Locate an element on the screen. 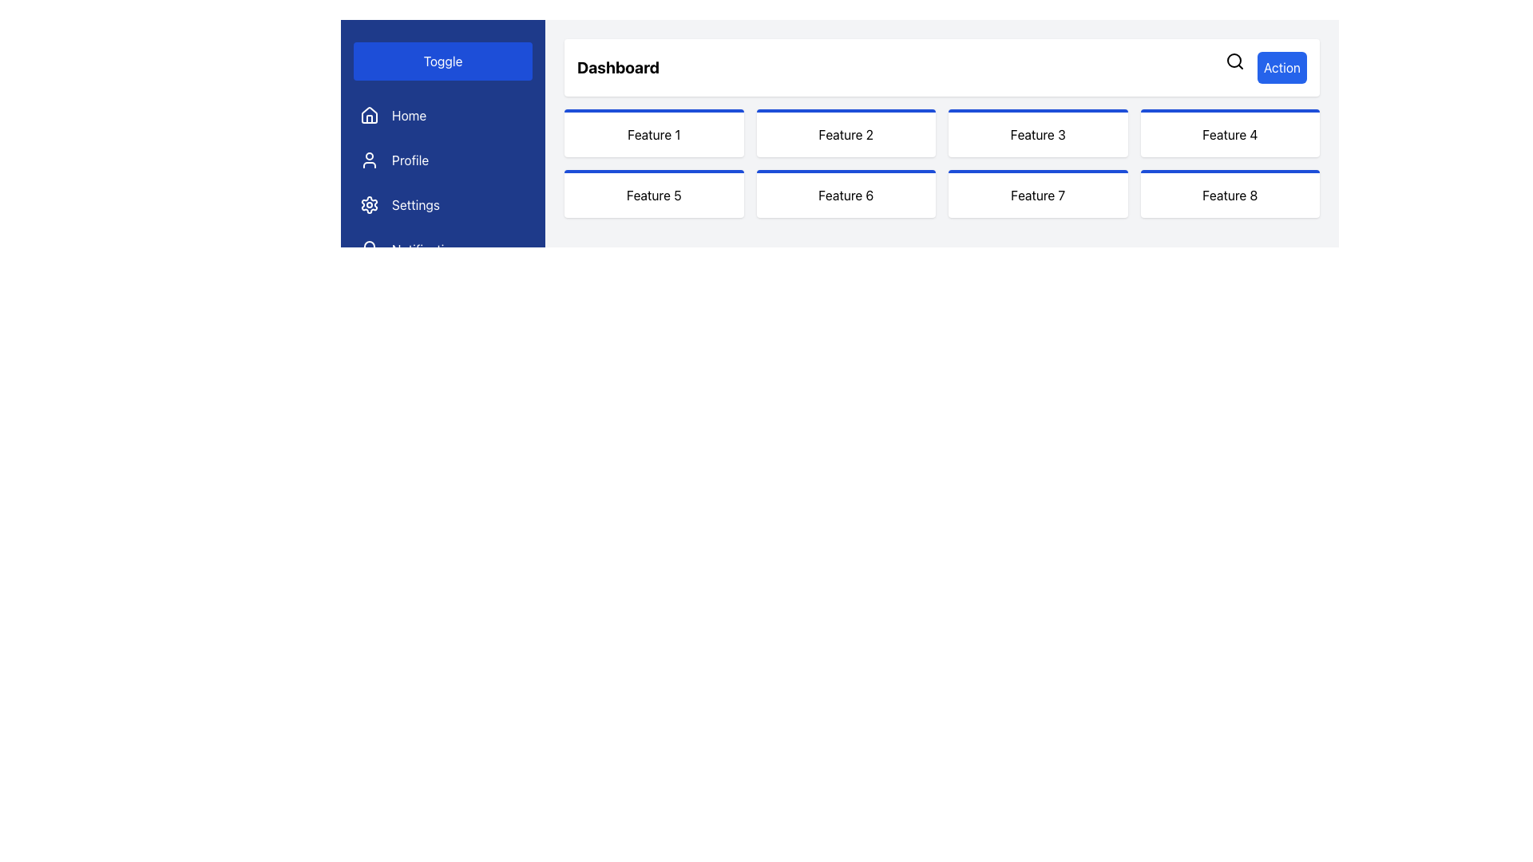 The image size is (1533, 862). the toggle button located at the top of the sidebar menu, just above the 'Home' option is located at coordinates (443, 61).